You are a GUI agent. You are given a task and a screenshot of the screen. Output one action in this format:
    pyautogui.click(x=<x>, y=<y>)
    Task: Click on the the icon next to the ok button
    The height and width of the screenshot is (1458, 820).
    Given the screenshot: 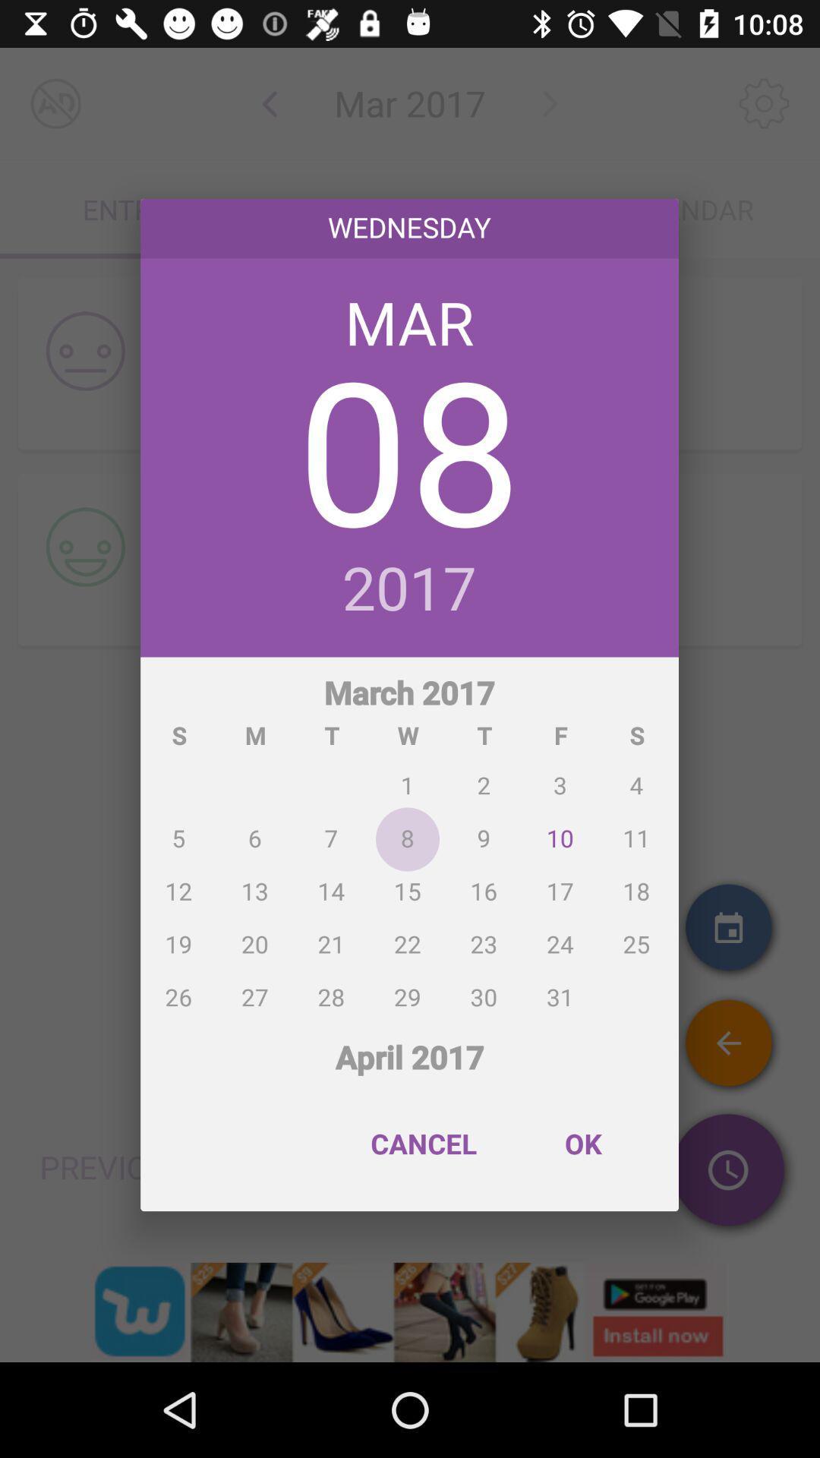 What is the action you would take?
    pyautogui.click(x=424, y=1144)
    